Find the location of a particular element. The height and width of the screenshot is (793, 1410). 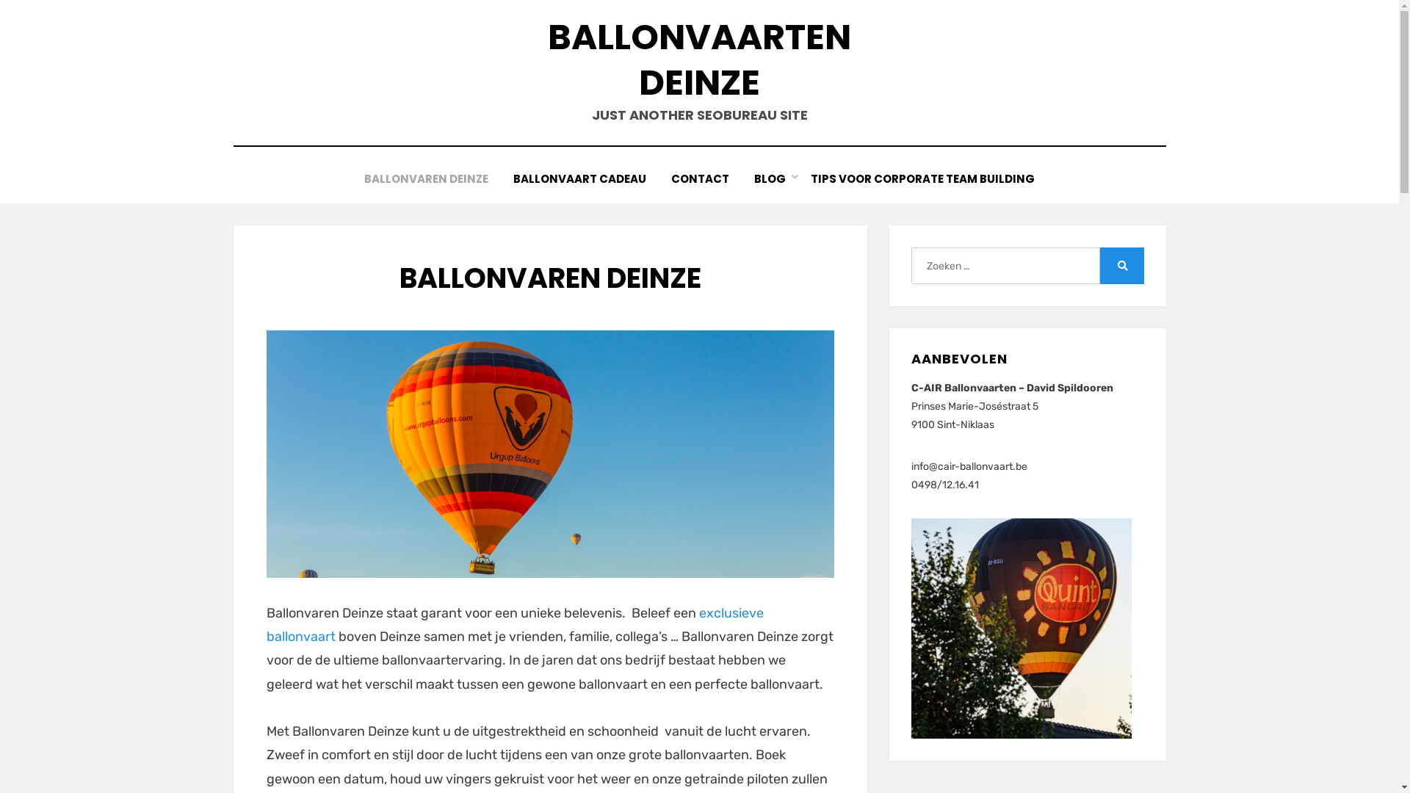

'BLOG' is located at coordinates (769, 178).